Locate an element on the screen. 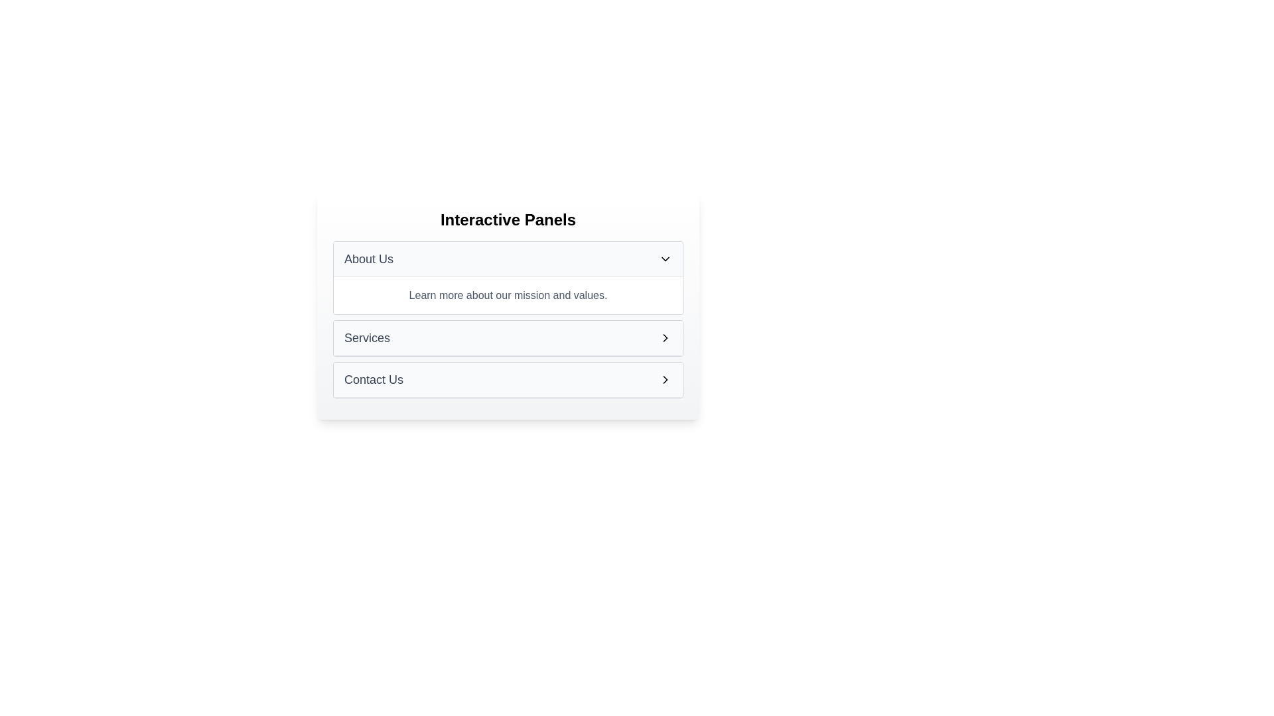 Image resolution: width=1274 pixels, height=716 pixels. the 'Services' button, which is the second item in the vertically stacked panel of options is located at coordinates (508, 337).